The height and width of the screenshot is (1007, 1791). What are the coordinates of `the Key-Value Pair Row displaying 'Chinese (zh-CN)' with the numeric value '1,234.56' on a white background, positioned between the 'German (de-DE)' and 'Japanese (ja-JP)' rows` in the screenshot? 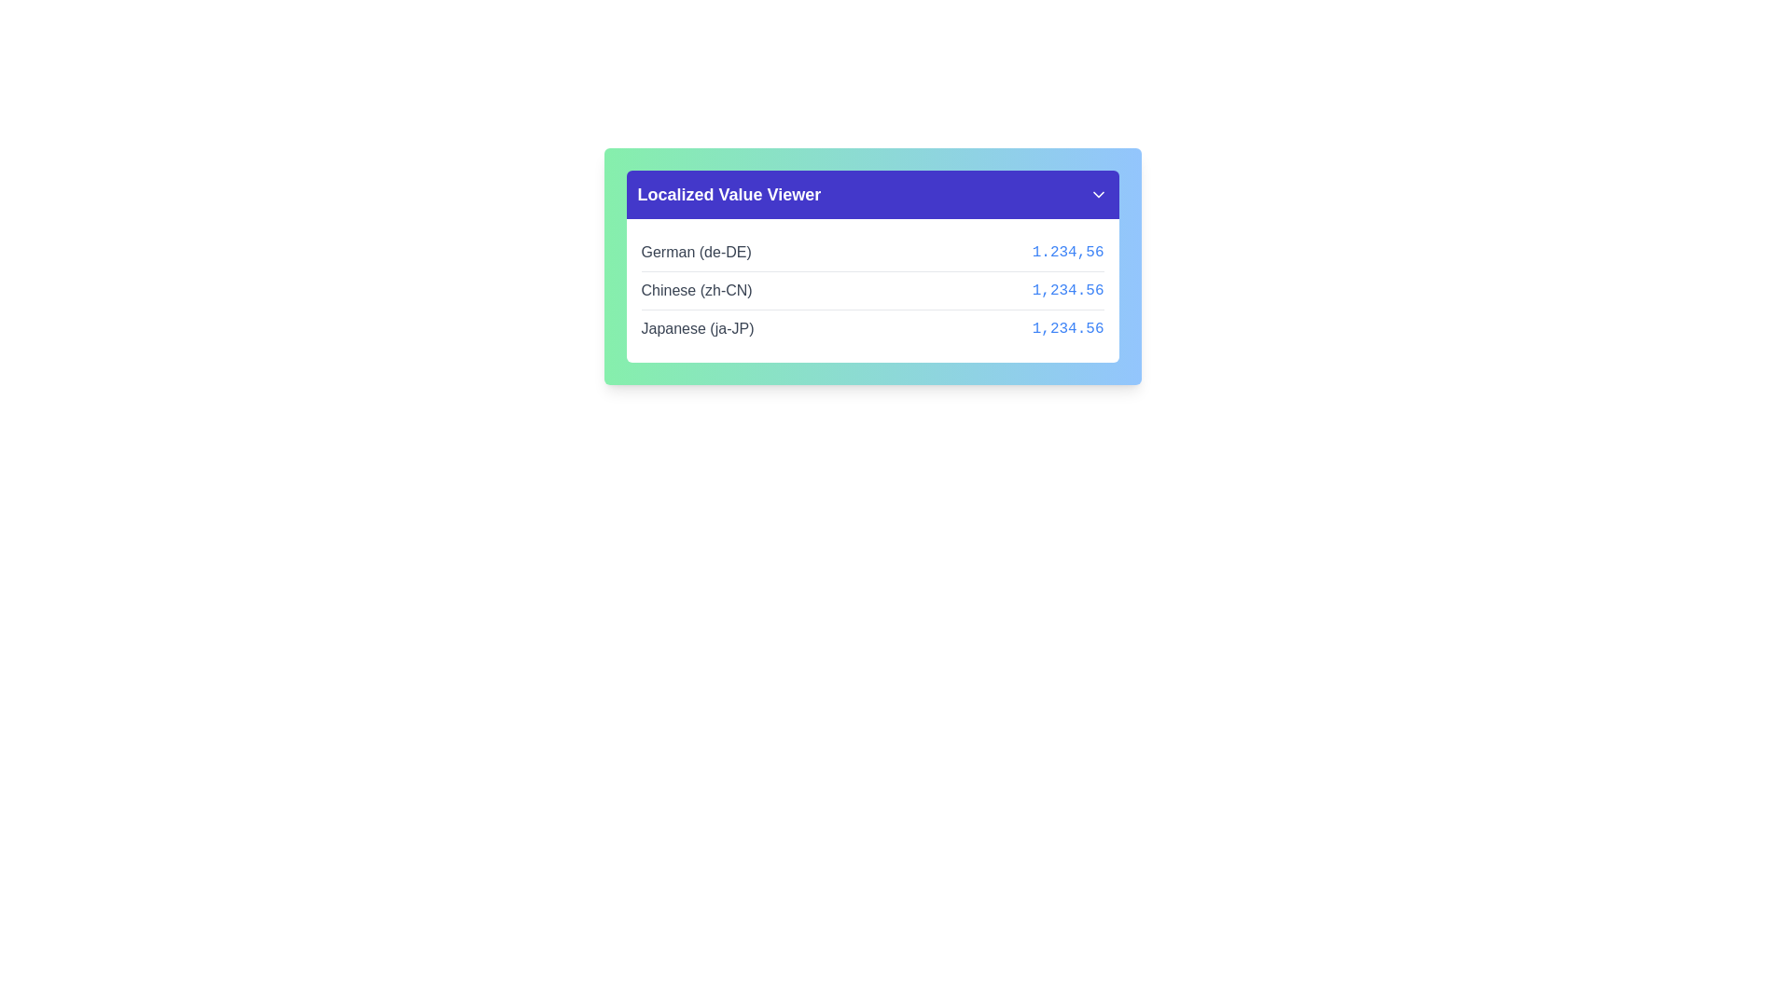 It's located at (871, 291).